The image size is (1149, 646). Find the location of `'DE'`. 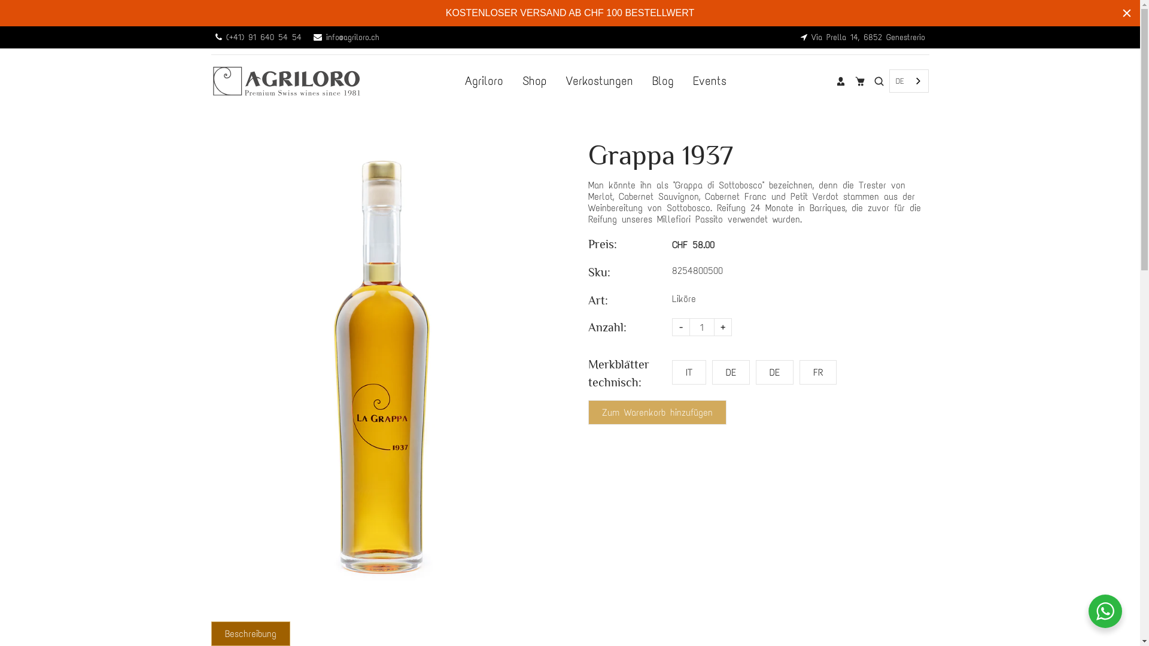

'DE' is located at coordinates (730, 371).